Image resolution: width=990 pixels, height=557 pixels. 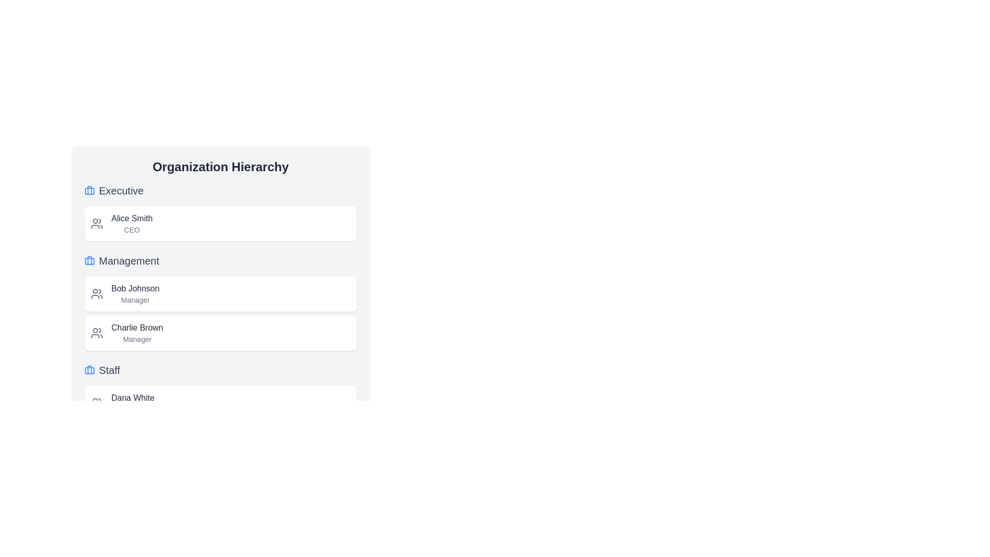 I want to click on the Profile card for 'Charlie Brown', which is the second item under the 'Management' section in the 'Organization Hierarchy' panel, so click(x=220, y=321).